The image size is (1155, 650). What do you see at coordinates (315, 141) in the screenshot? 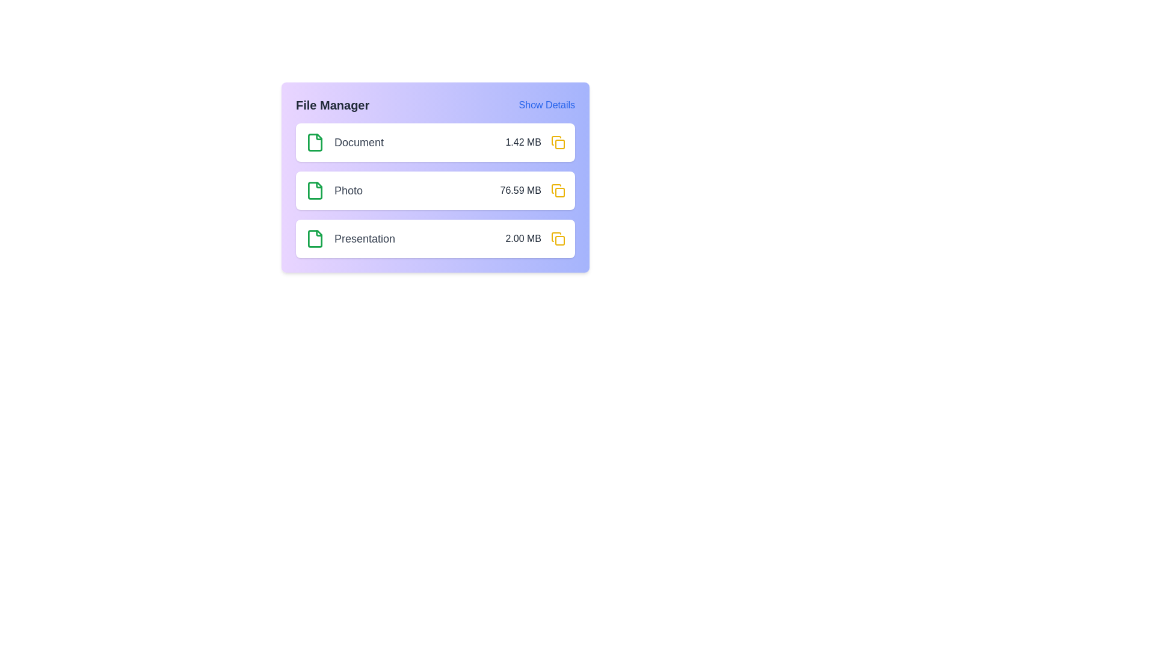
I see `the document file icon, which is a green rectangular shape with a folded corner located at the leftmost part of the 'Document' row in the file manager area` at bounding box center [315, 141].